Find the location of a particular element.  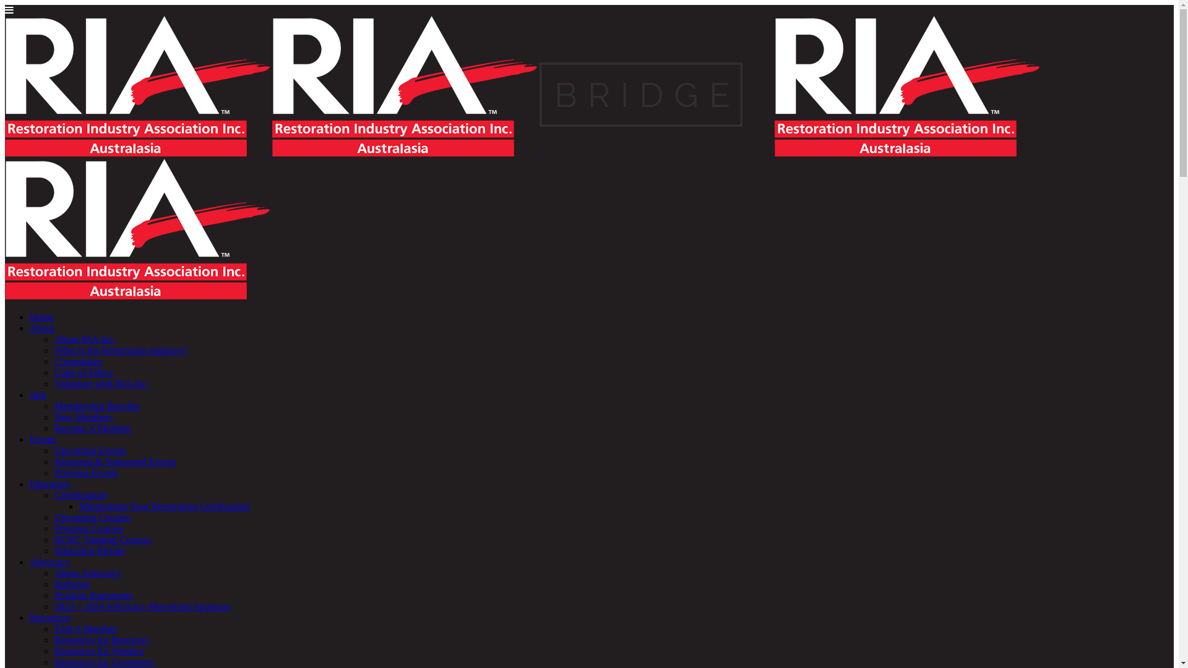

'Partnered & Sponsored Events' is located at coordinates (115, 461).